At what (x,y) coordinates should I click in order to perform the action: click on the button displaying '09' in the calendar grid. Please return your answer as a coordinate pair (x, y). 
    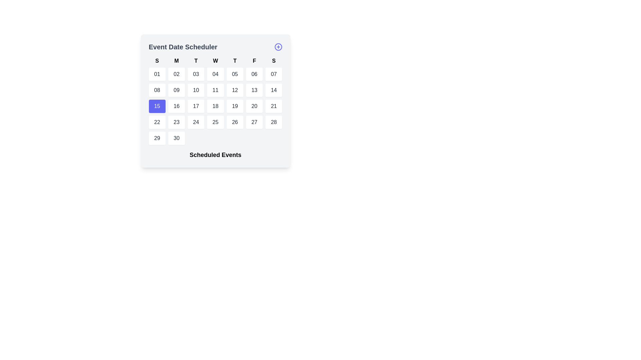
    Looking at the image, I should click on (176, 90).